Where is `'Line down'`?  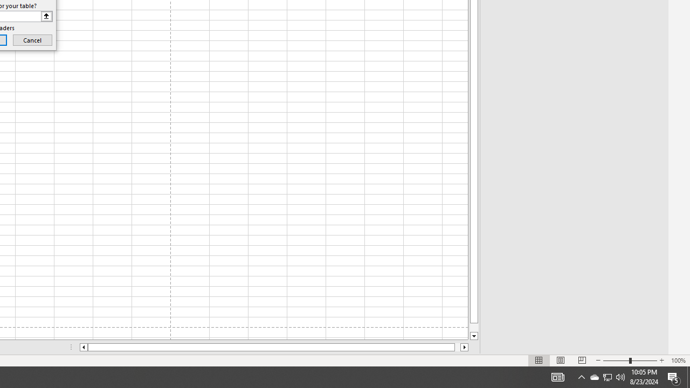 'Line down' is located at coordinates (474, 336).